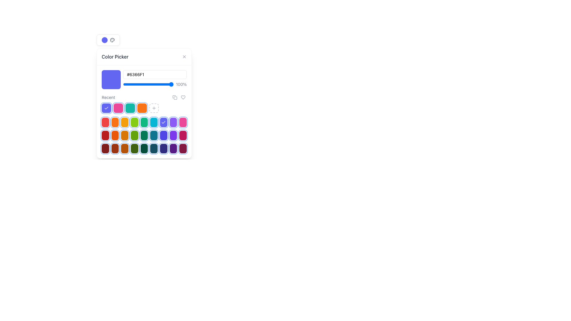 Image resolution: width=571 pixels, height=321 pixels. I want to click on the pink rounded square Color selection button located at the bottom-right of the Color Picker interface, so click(183, 122).